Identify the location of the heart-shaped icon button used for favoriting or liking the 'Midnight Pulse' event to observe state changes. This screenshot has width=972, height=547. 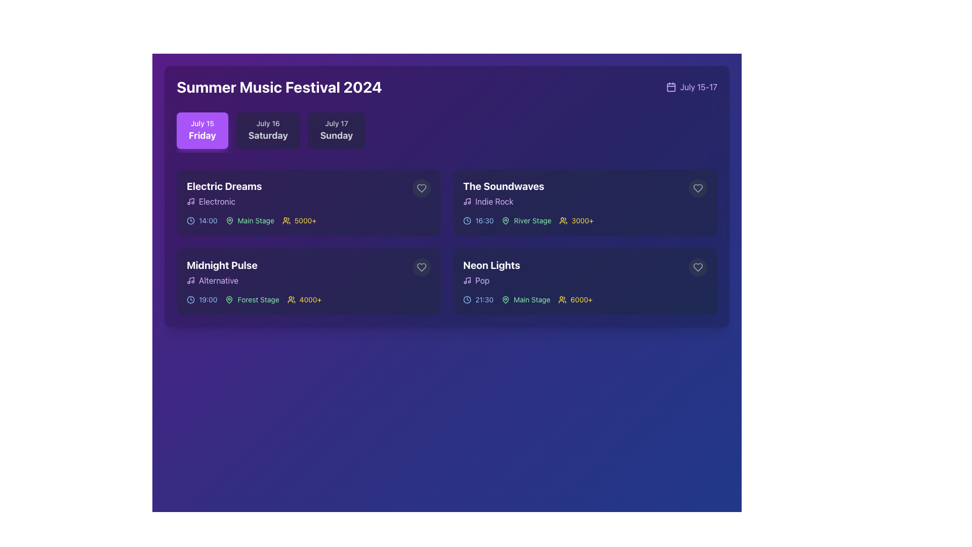
(422, 267).